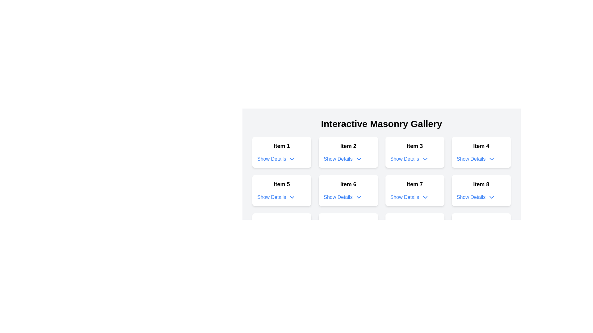 This screenshot has width=593, height=333. I want to click on the downward-facing chevron icon next to the 'Show Details' text for 'Item 1', so click(292, 159).